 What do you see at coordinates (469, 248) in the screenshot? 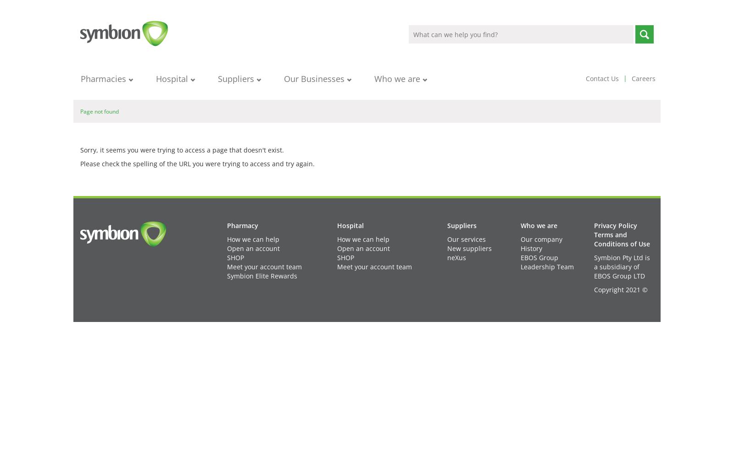
I see `'New suppliers'` at bounding box center [469, 248].